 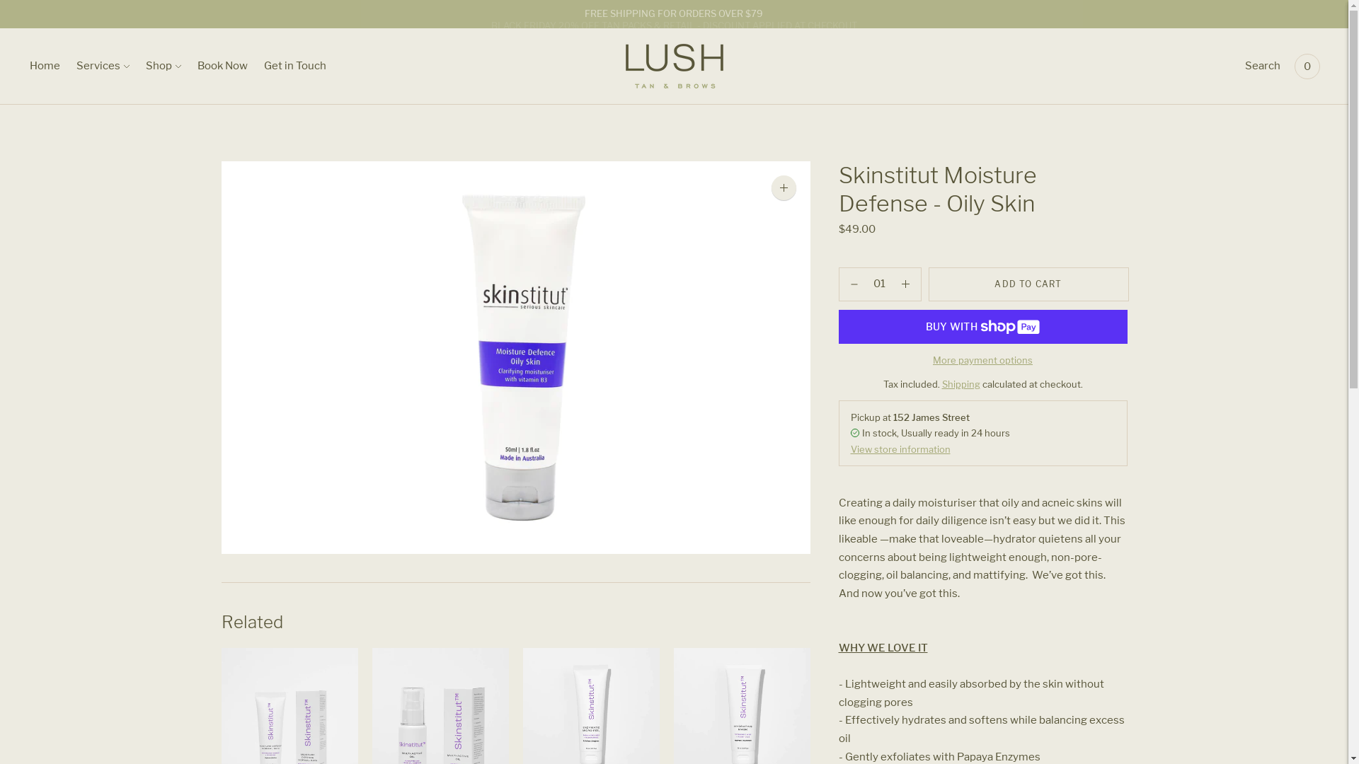 What do you see at coordinates (45, 66) in the screenshot?
I see `'Home'` at bounding box center [45, 66].